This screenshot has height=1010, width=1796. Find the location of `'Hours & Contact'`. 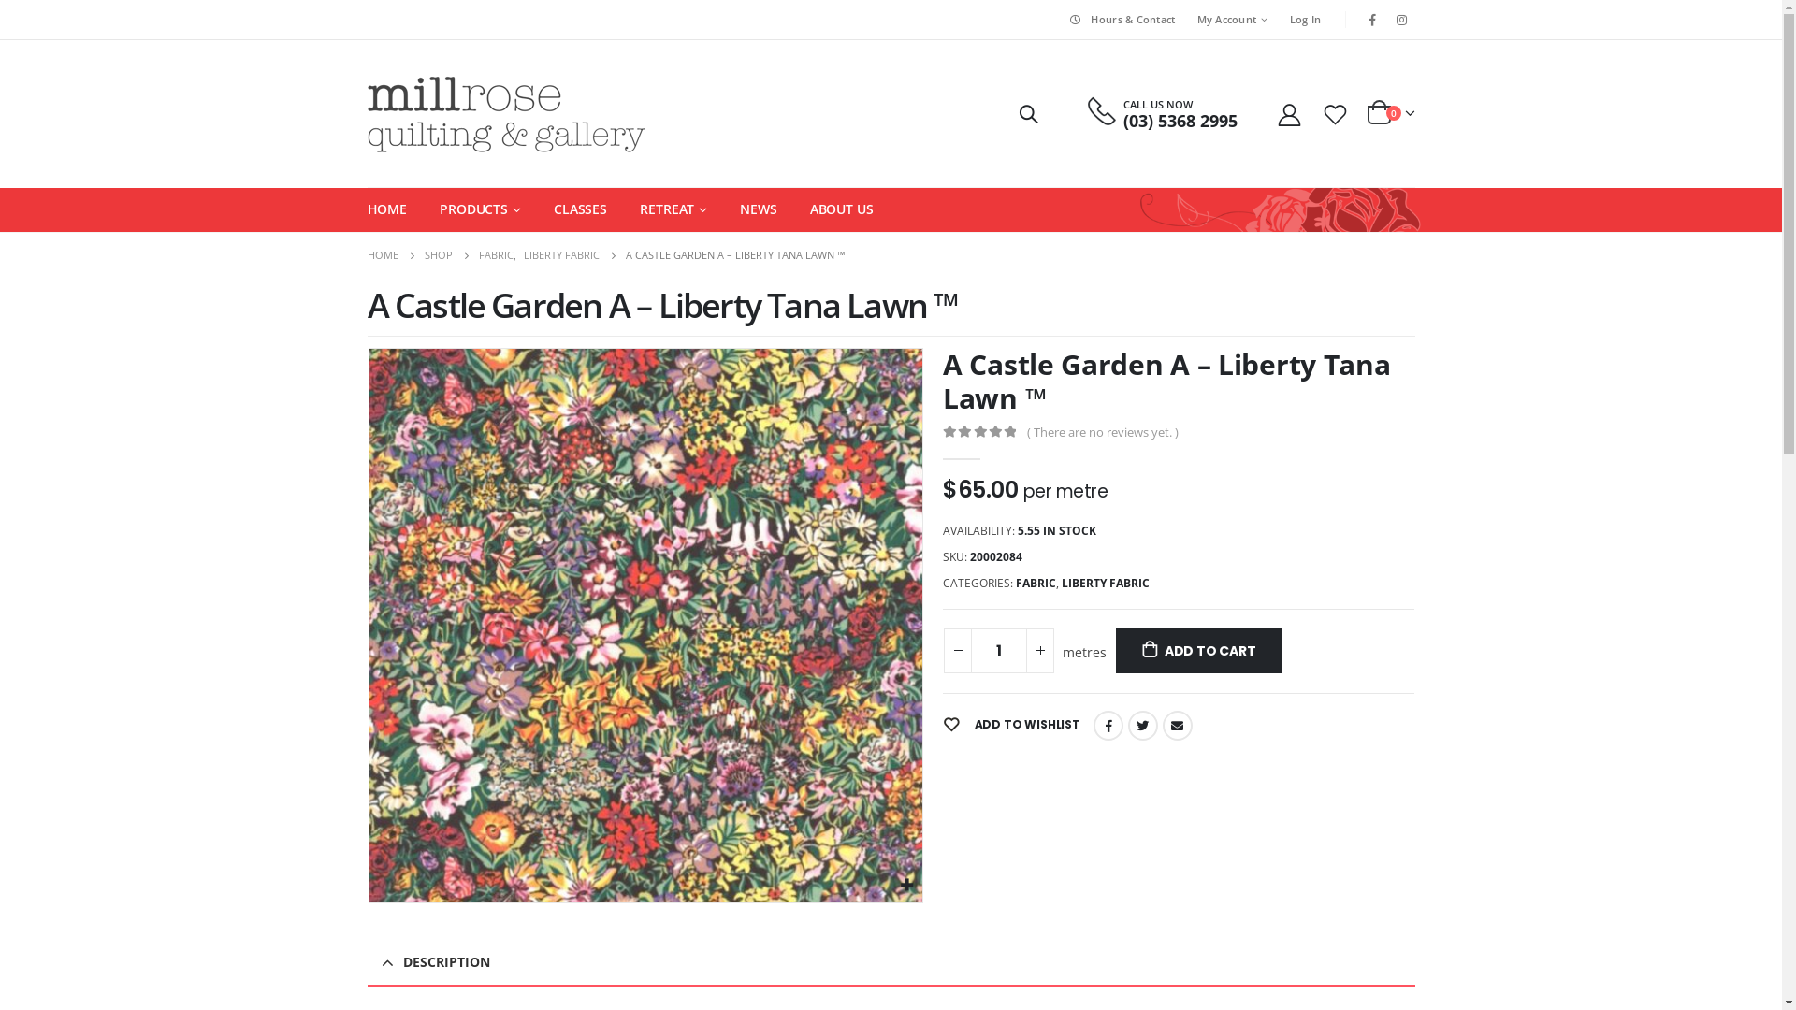

'Hours & Contact' is located at coordinates (1121, 19).